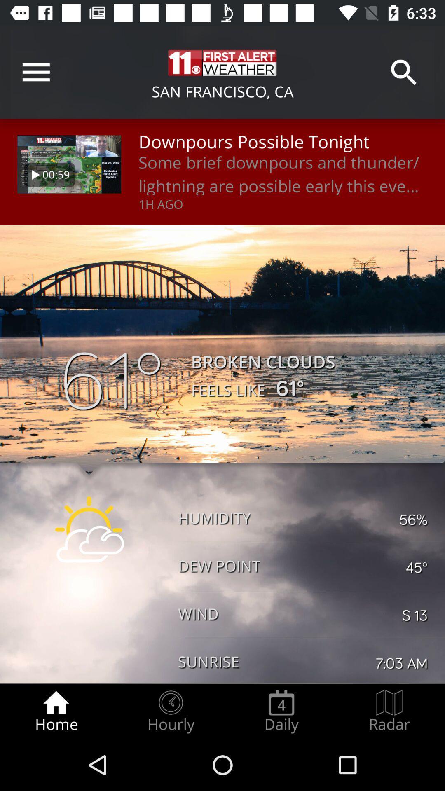  Describe the element at coordinates (389, 711) in the screenshot. I see `radio button to the right of daily` at that location.